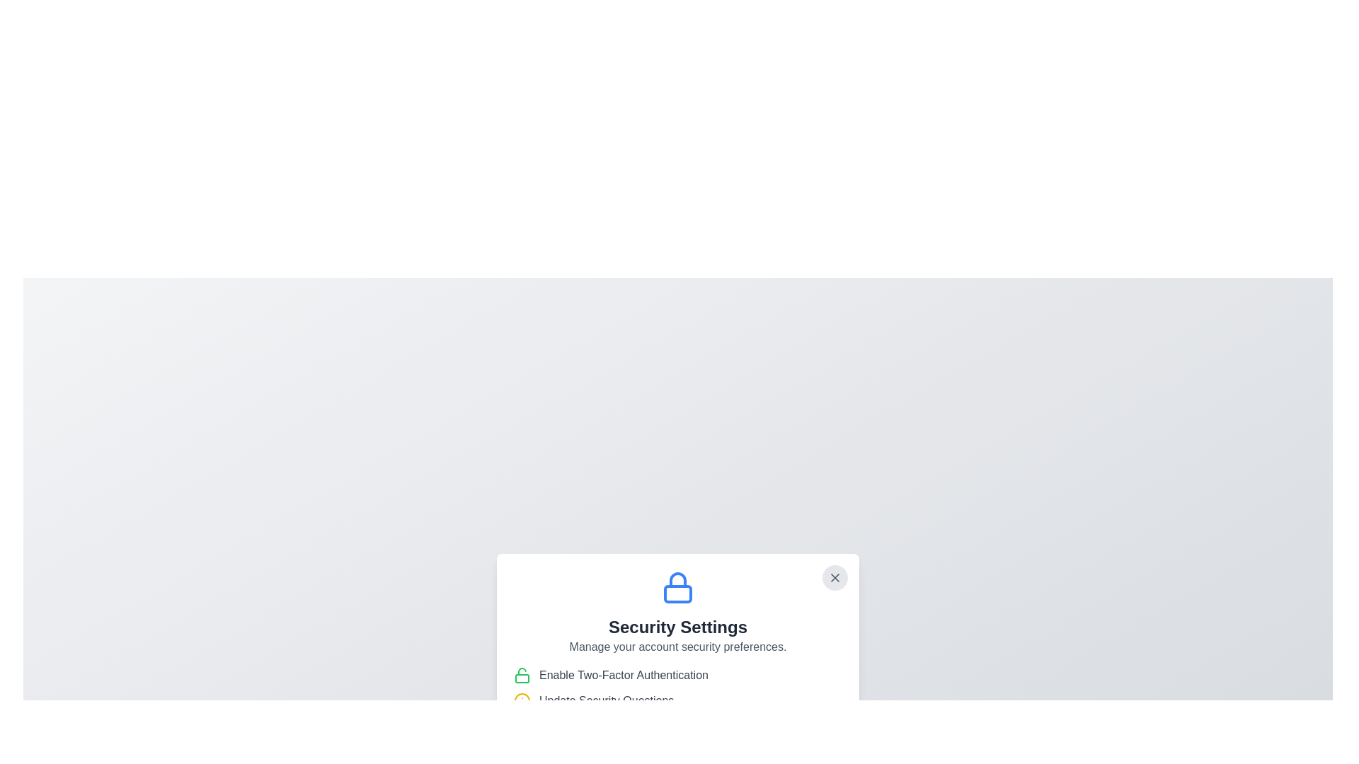 Image resolution: width=1359 pixels, height=764 pixels. I want to click on the open padlock icon representing an unlocked state, located to the left of 'Enable Two-Factor Authentication' in the security settings panel, so click(522, 675).